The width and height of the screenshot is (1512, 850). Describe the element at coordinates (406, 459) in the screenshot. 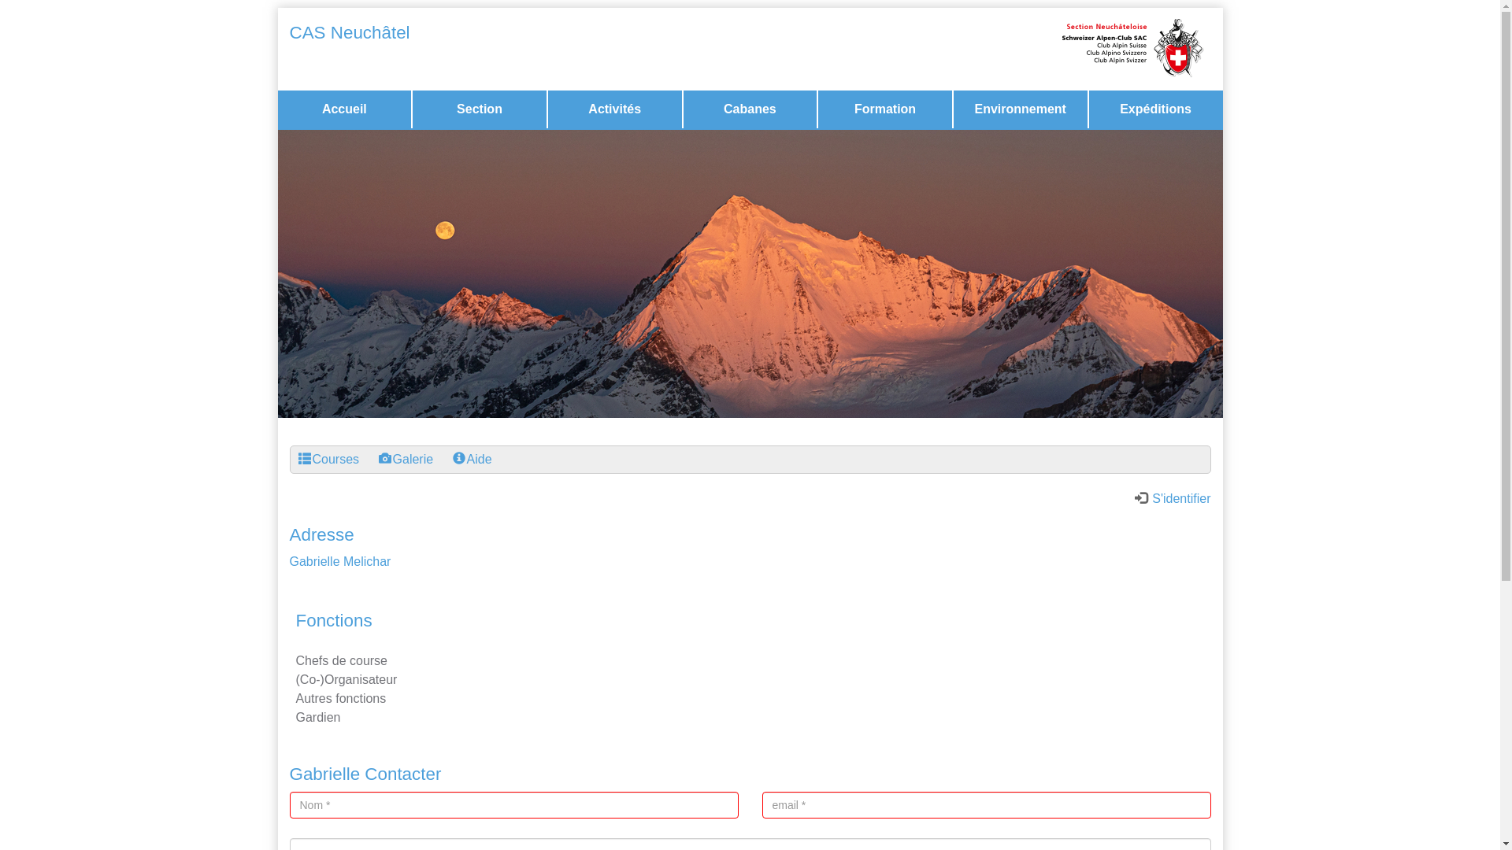

I see `'Galerie'` at that location.